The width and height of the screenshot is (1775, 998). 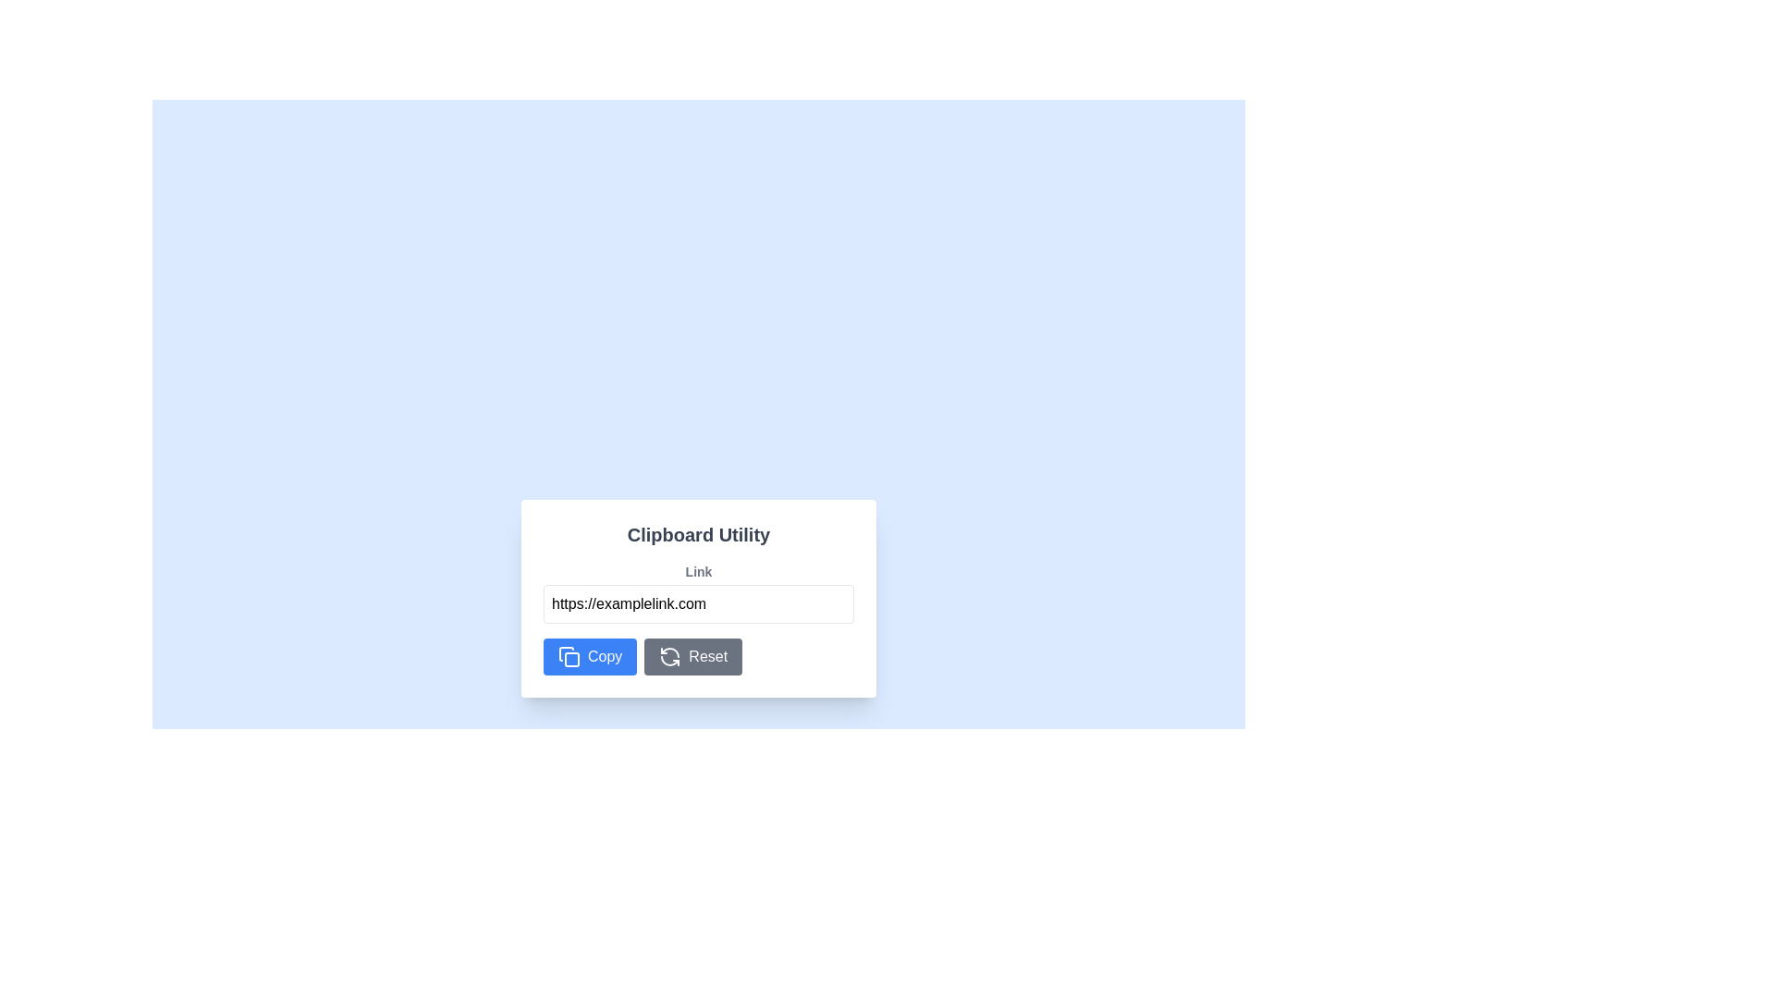 I want to click on the reset button located at the bottom-right corner of the button group in the clipboard utility interface, so click(x=692, y=655).